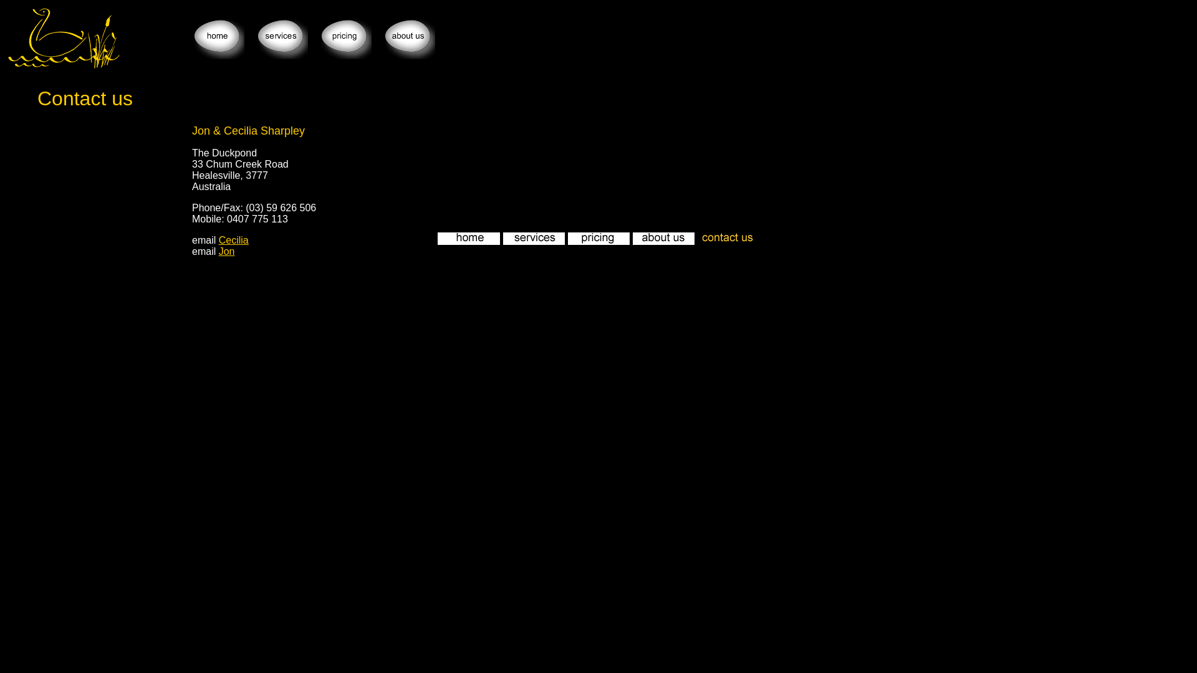 This screenshot has height=673, width=1197. I want to click on 'Jon', so click(227, 251).